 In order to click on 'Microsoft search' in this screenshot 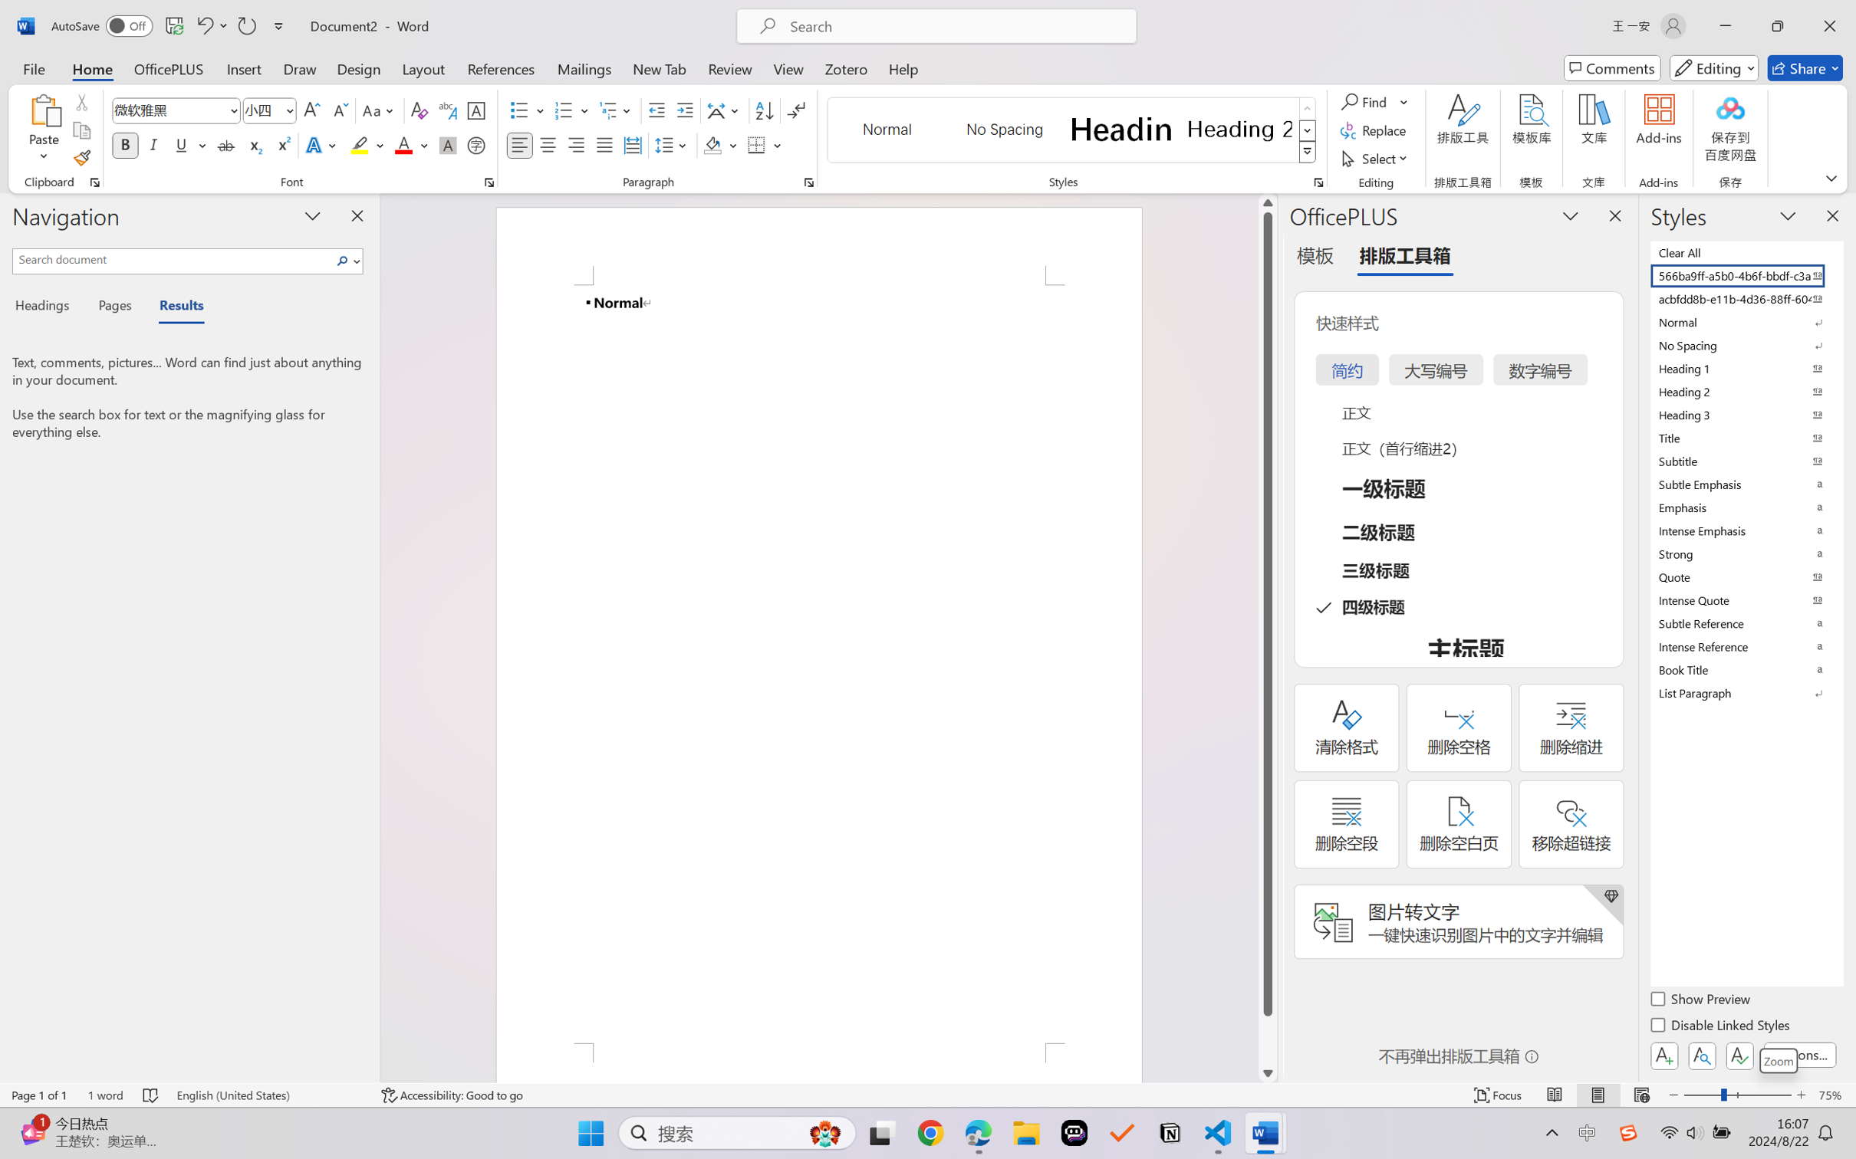, I will do `click(956, 25)`.